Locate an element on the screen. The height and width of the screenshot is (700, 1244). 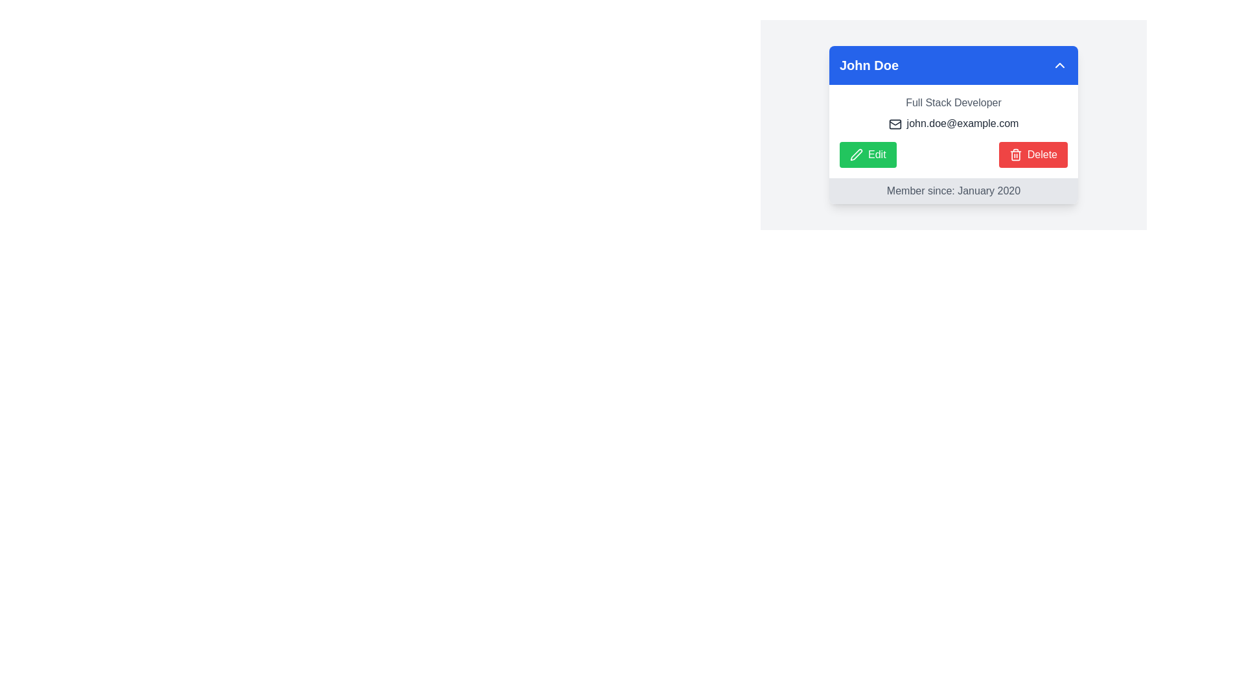
the user's name display label located in the top-left section of the blue header bar, positioned to the left of the interactive chevron-down icon is located at coordinates (869, 65).